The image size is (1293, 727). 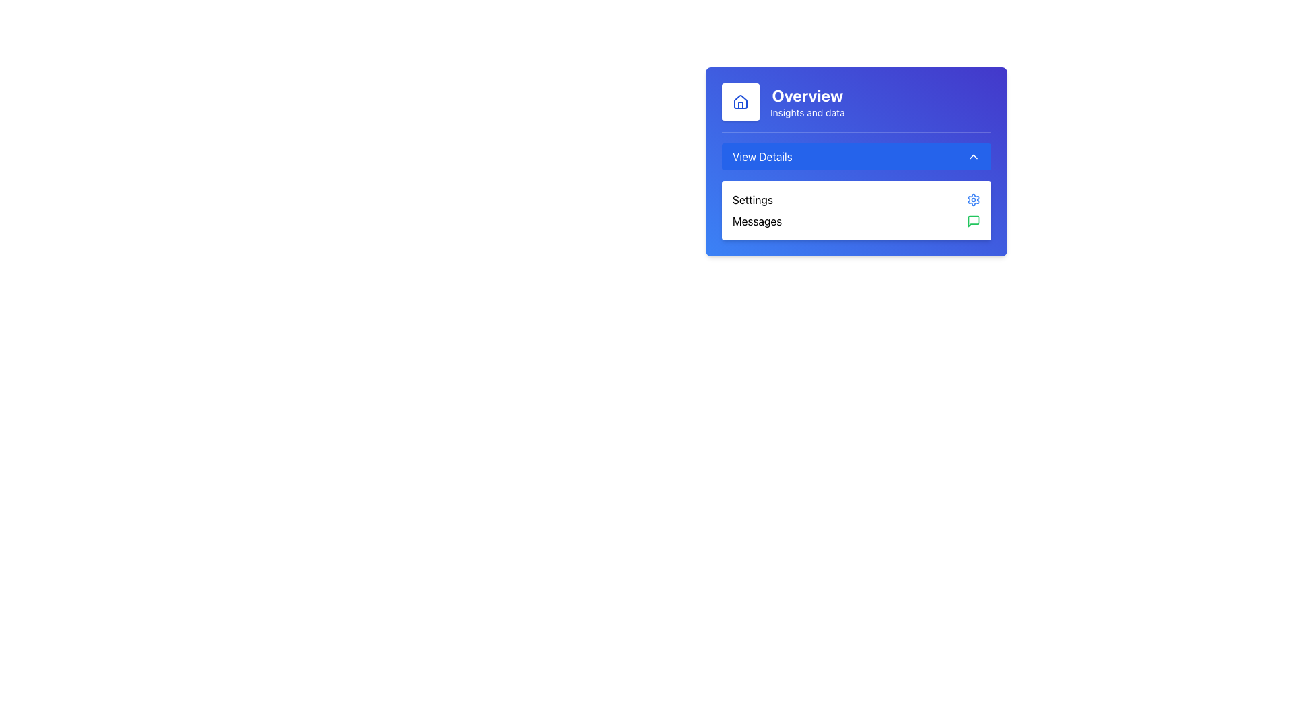 I want to click on the Icon located in the top left corner of the 'Overview' card, above the text 'Insights and data', so click(x=739, y=101).